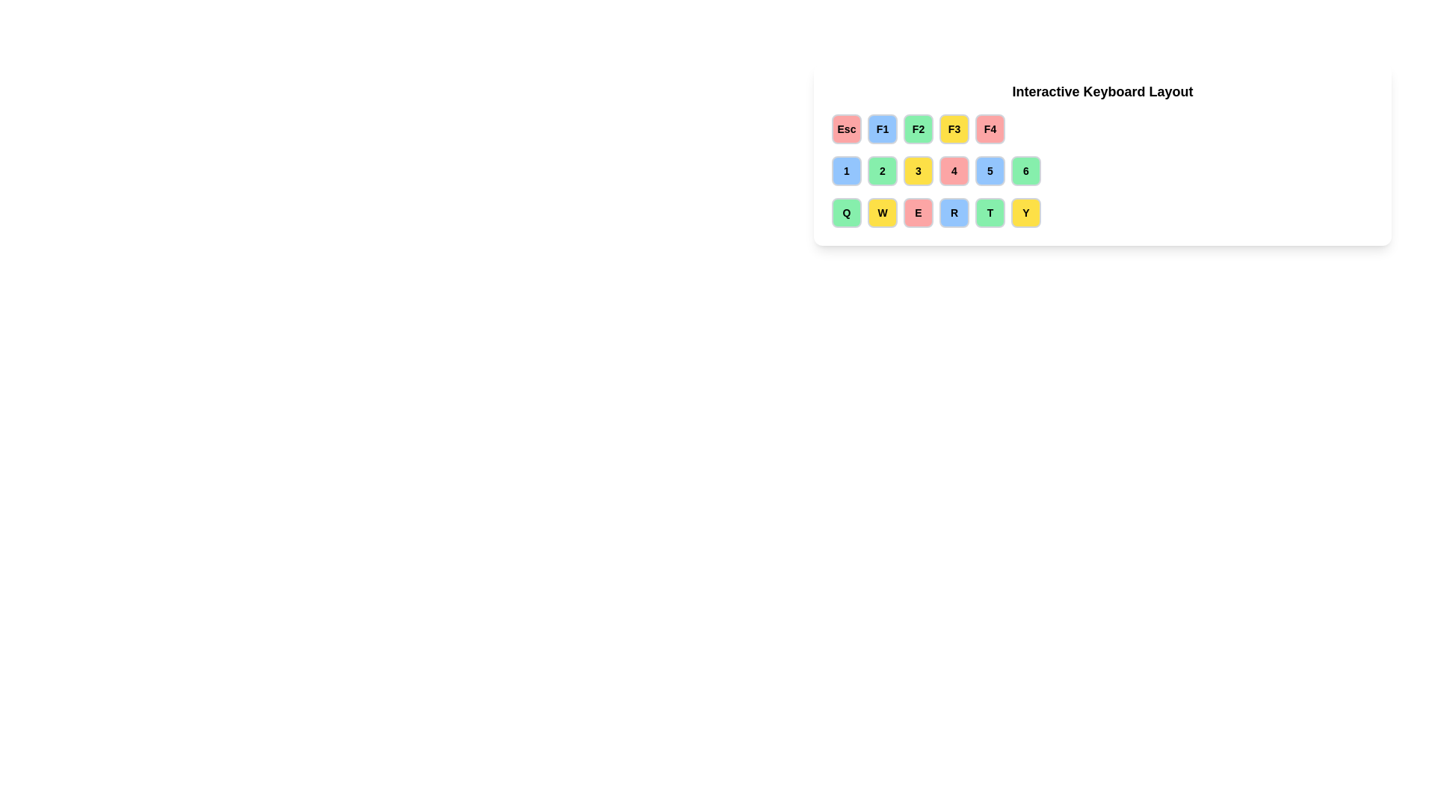 This screenshot has height=807, width=1435. I want to click on the button displaying the number '5', which is the fifth button in a horizontal sequence of six buttons, so click(990, 170).